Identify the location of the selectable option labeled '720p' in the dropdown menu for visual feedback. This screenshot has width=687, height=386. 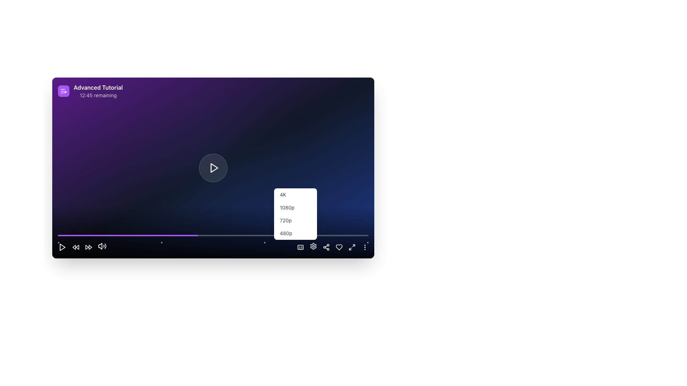
(295, 220).